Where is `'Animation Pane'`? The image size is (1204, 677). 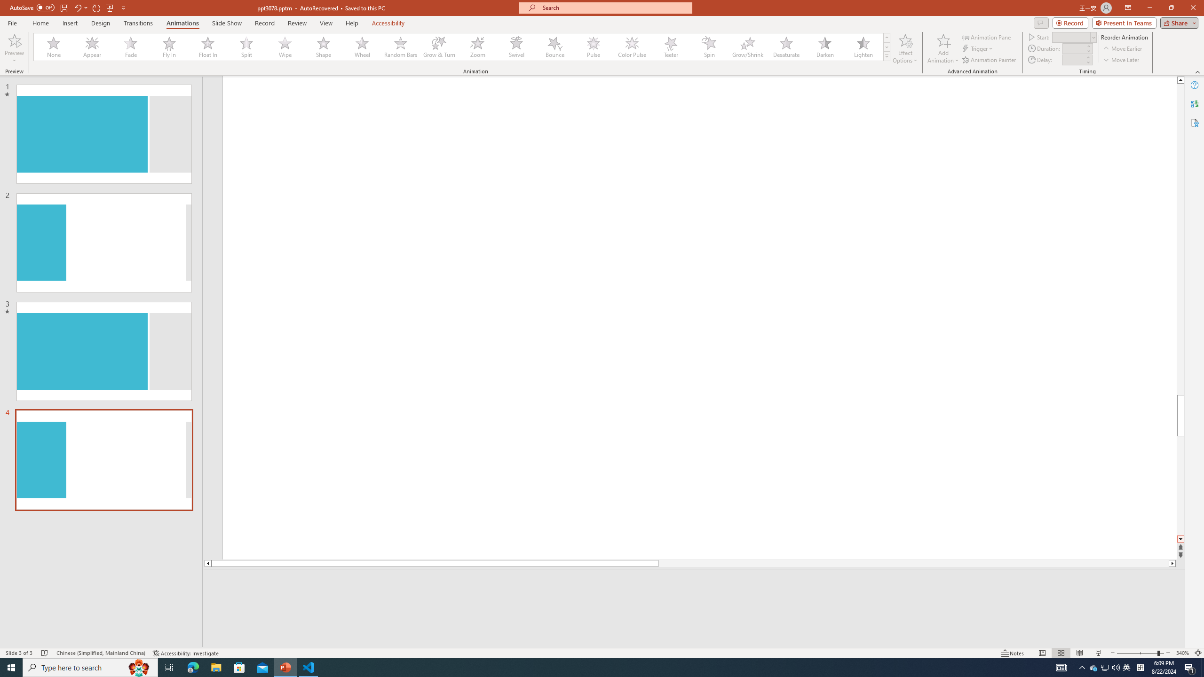
'Animation Pane' is located at coordinates (987, 37).